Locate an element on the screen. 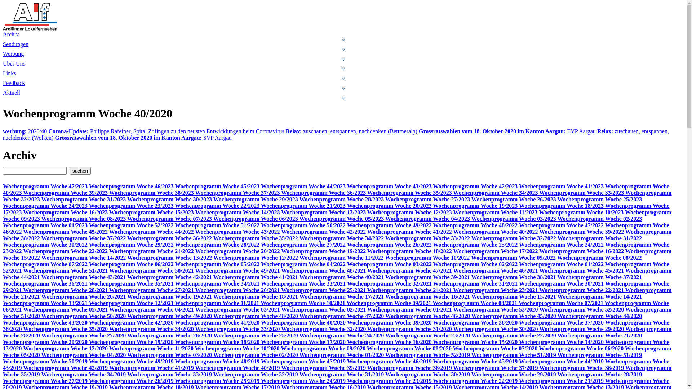  'Wochenprogramm Woche 36/2023' is located at coordinates (324, 192).